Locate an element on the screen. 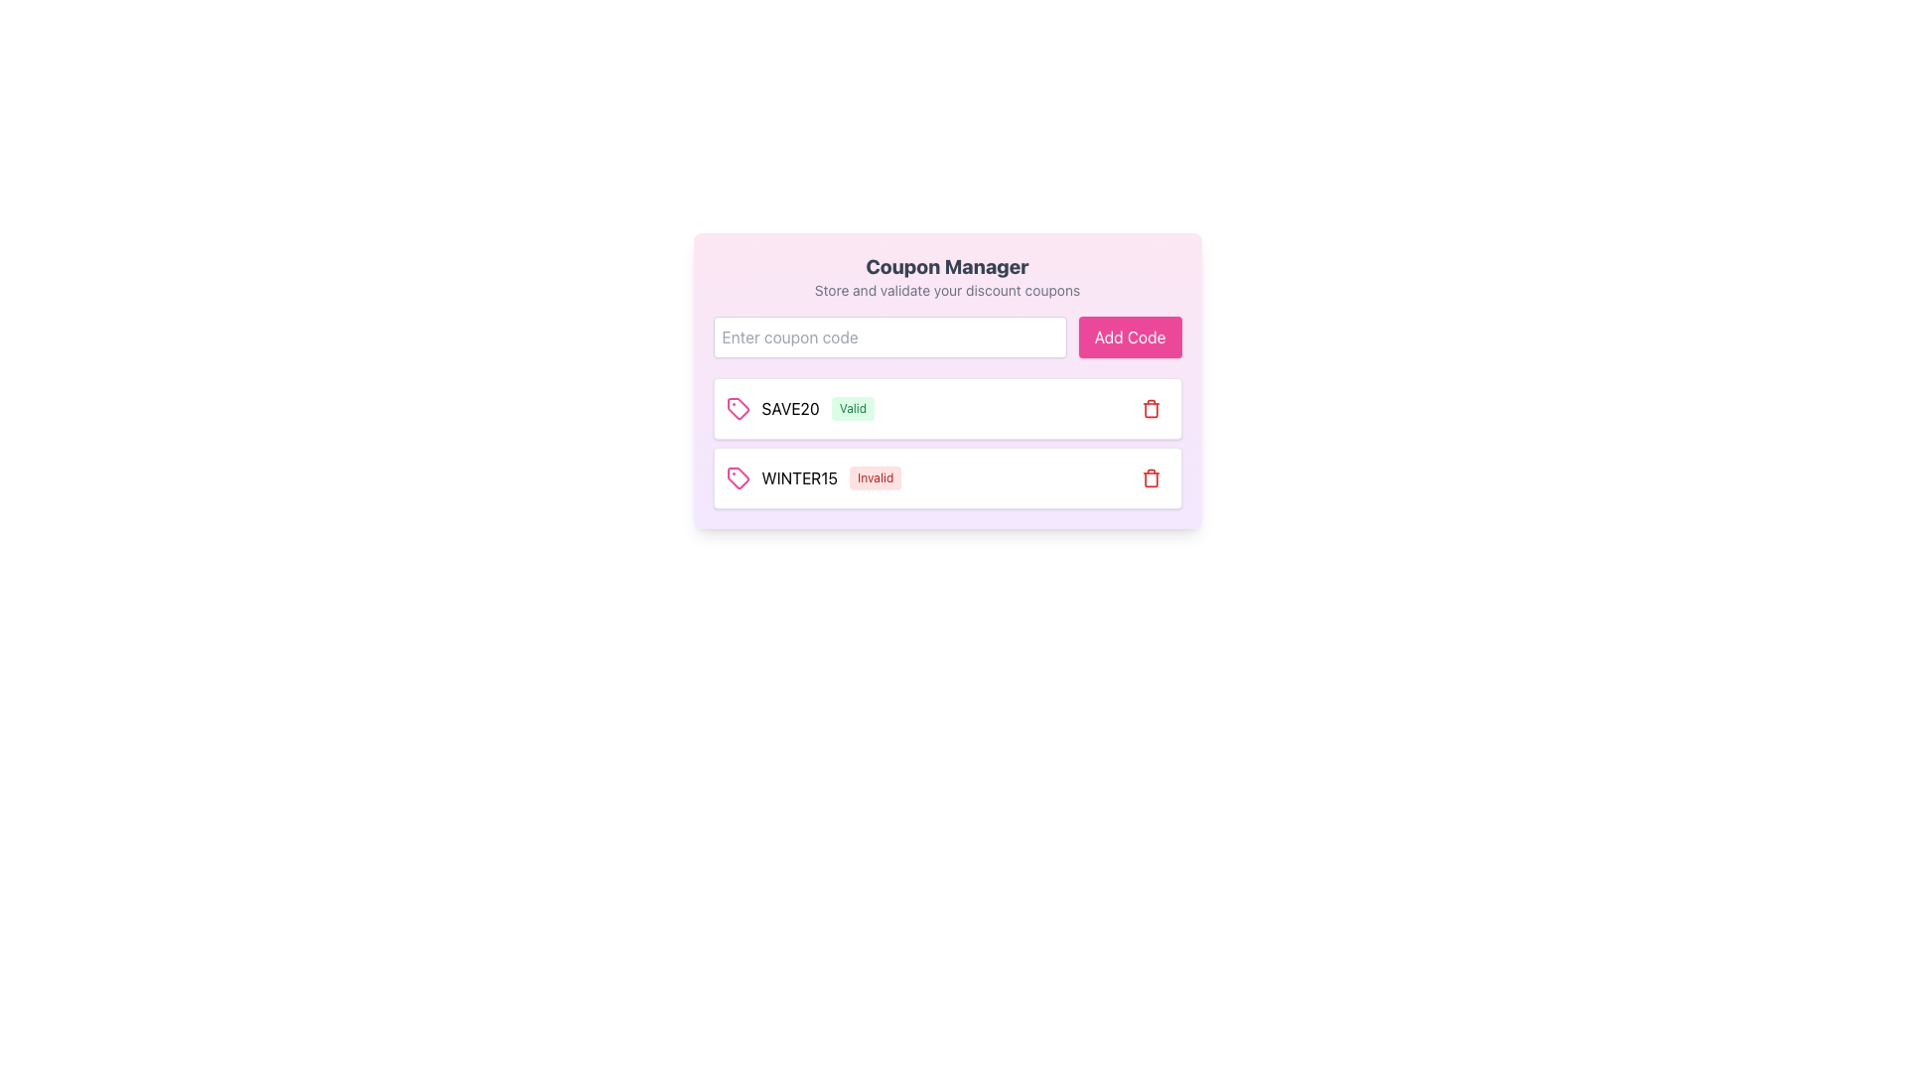 This screenshot has width=1906, height=1072. text label displaying 'Store and validate your discount coupons.' located beneath the 'Coupon Manager' title is located at coordinates (946, 291).